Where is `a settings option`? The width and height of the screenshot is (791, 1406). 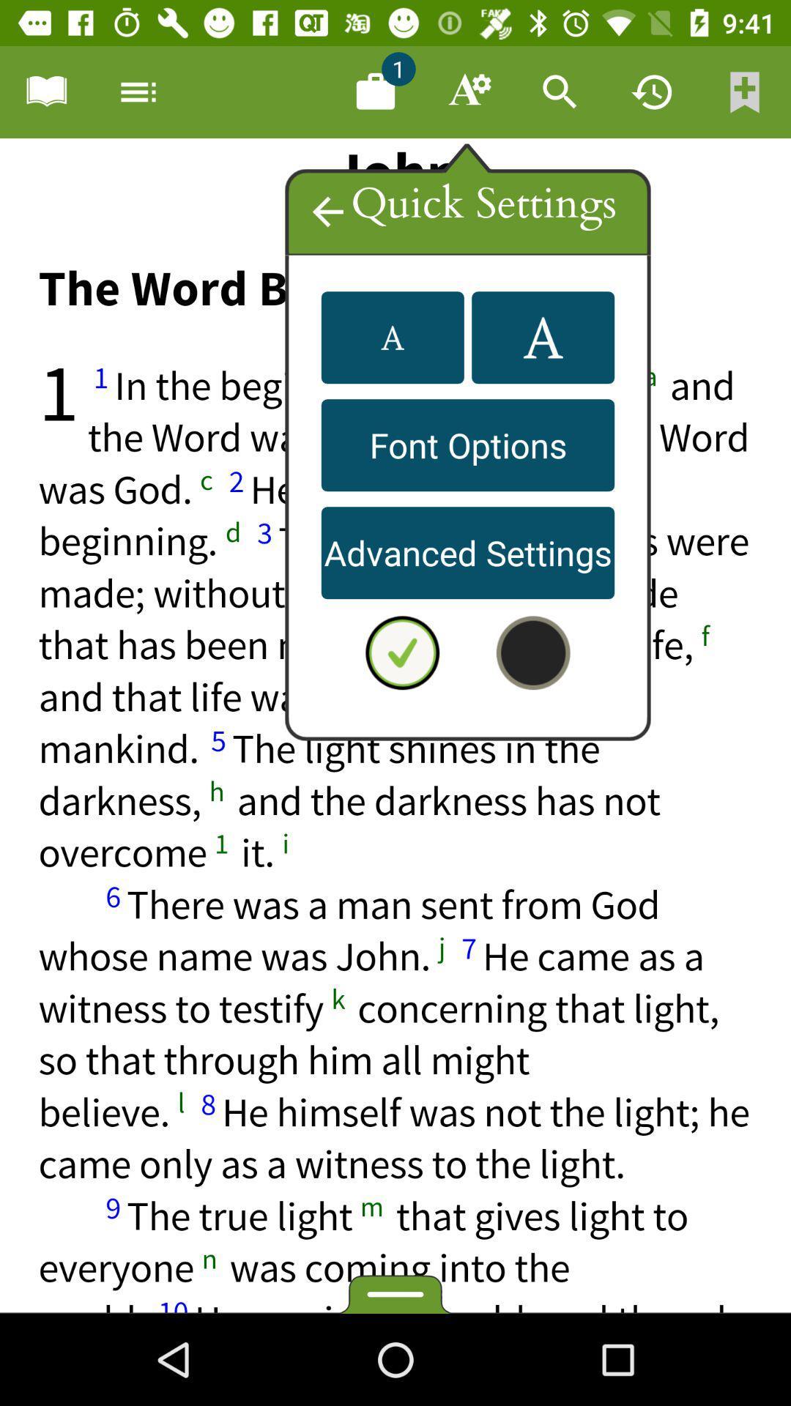 a settings option is located at coordinates (543, 337).